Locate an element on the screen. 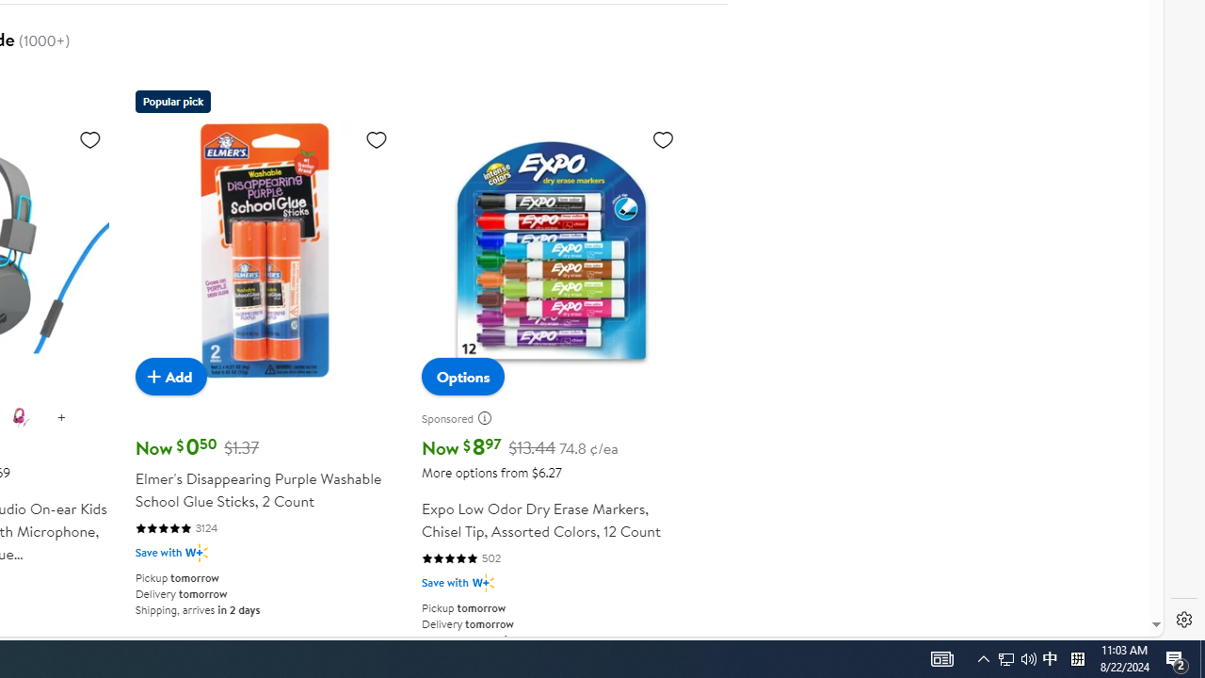 This screenshot has height=678, width=1205. 'Walmart Plus' is located at coordinates (483, 582).